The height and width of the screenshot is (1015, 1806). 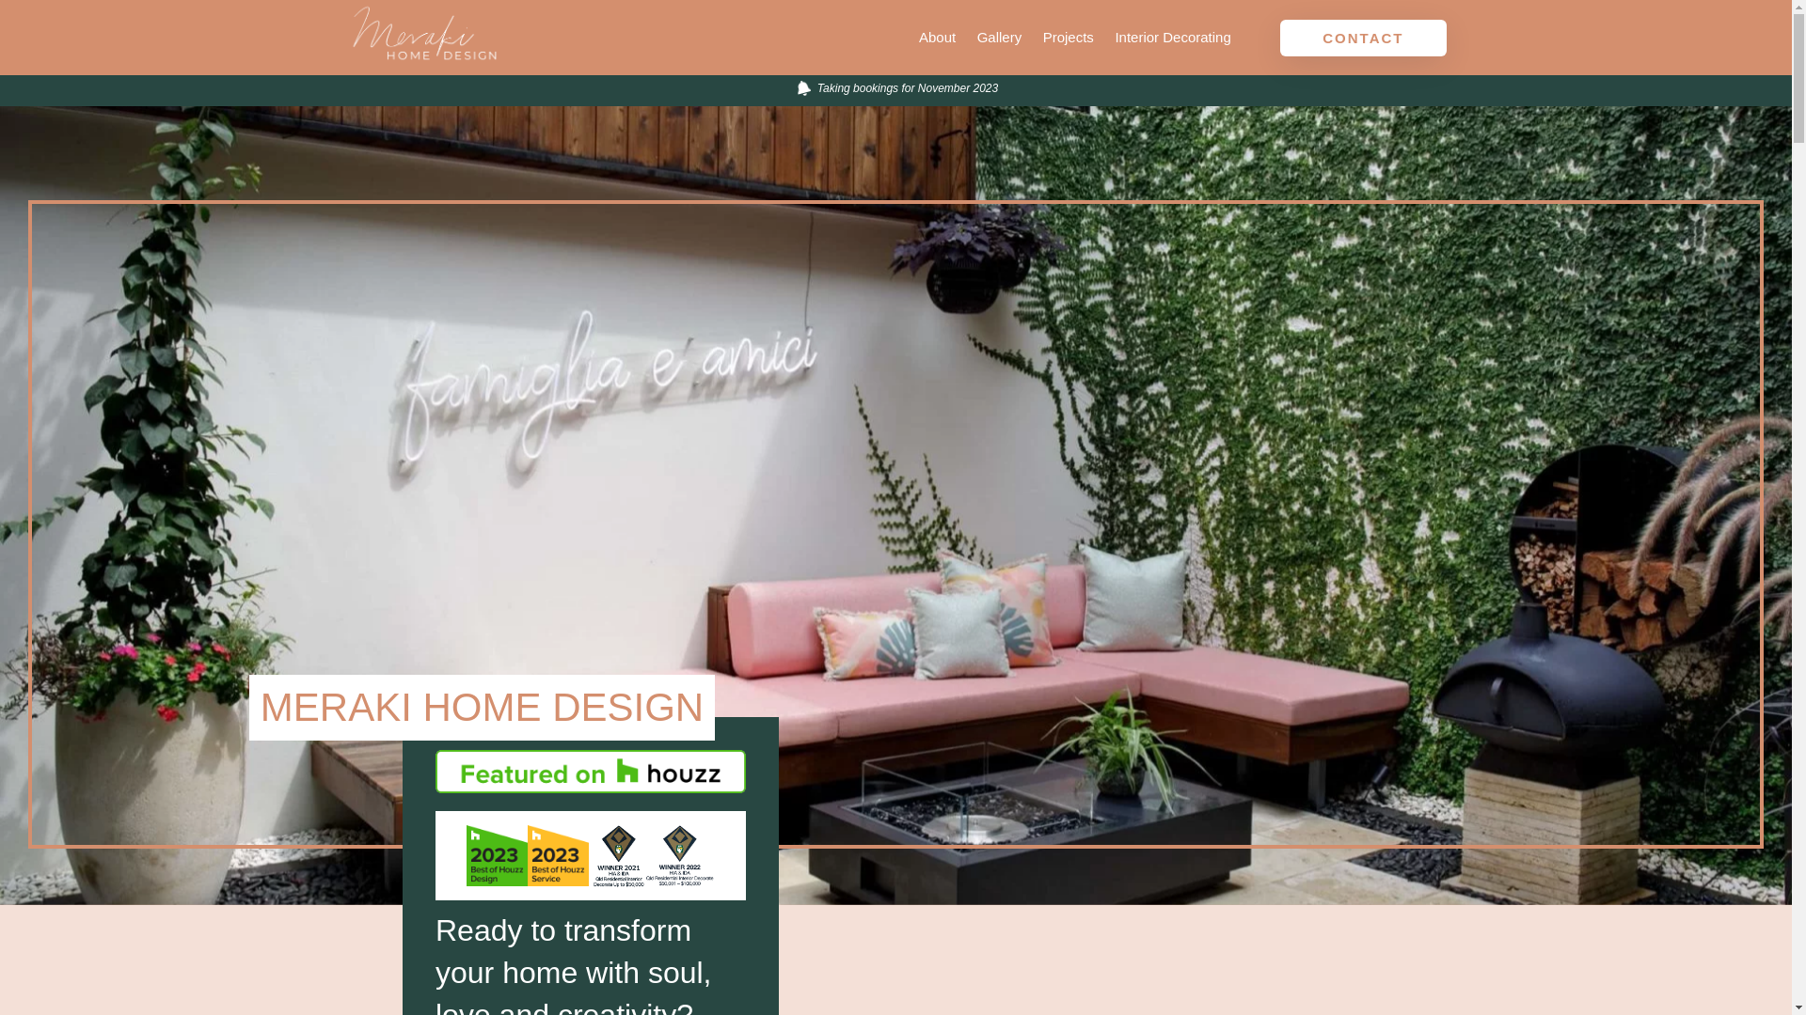 I want to click on 'Projects', so click(x=1041, y=37).